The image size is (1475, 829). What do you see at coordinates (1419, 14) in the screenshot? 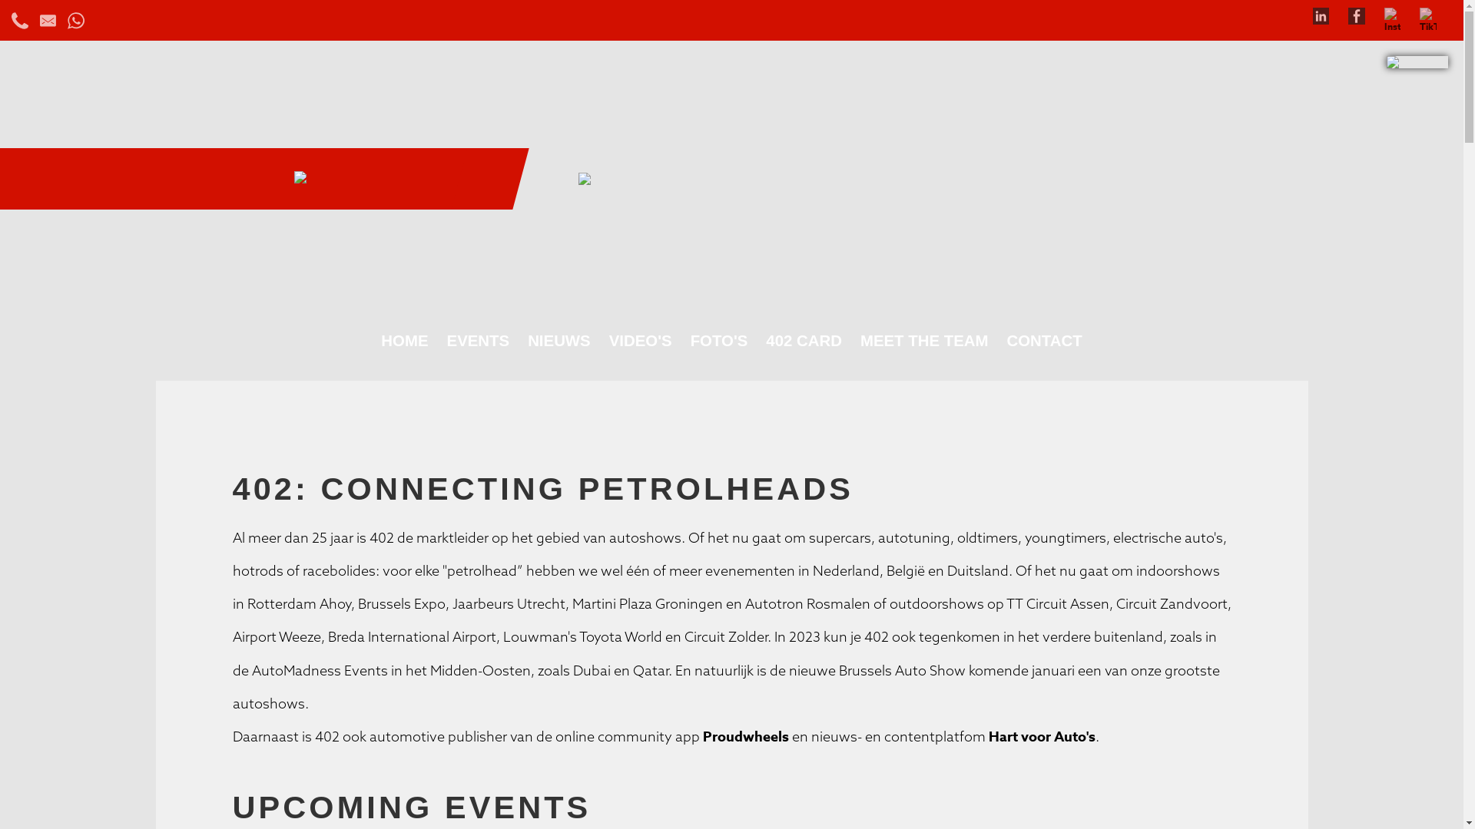
I see `'TikTok'` at bounding box center [1419, 14].